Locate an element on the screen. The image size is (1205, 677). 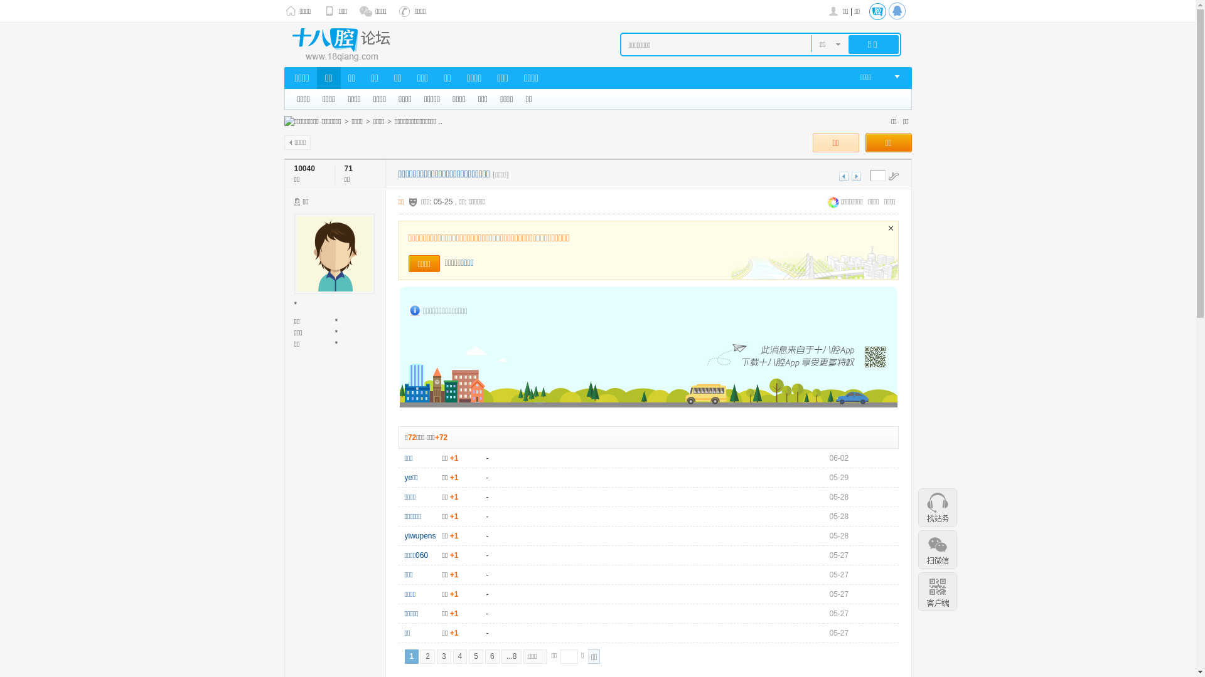
'3' is located at coordinates (444, 656).